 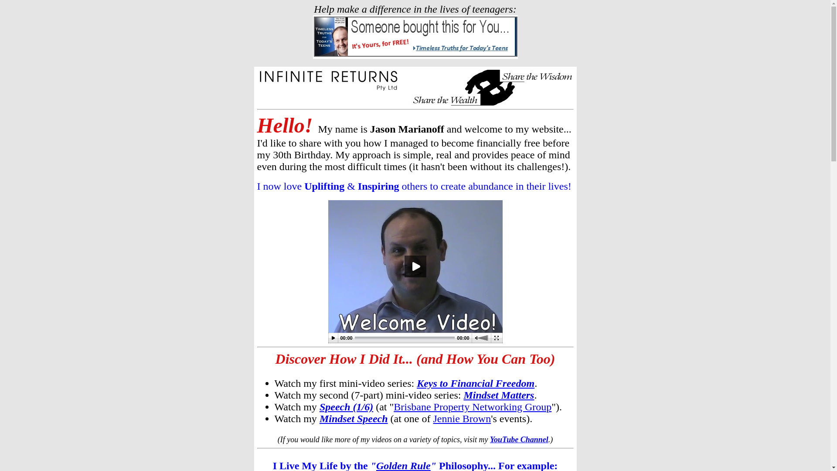 I want to click on 'Speech (1/6)', so click(x=346, y=407).